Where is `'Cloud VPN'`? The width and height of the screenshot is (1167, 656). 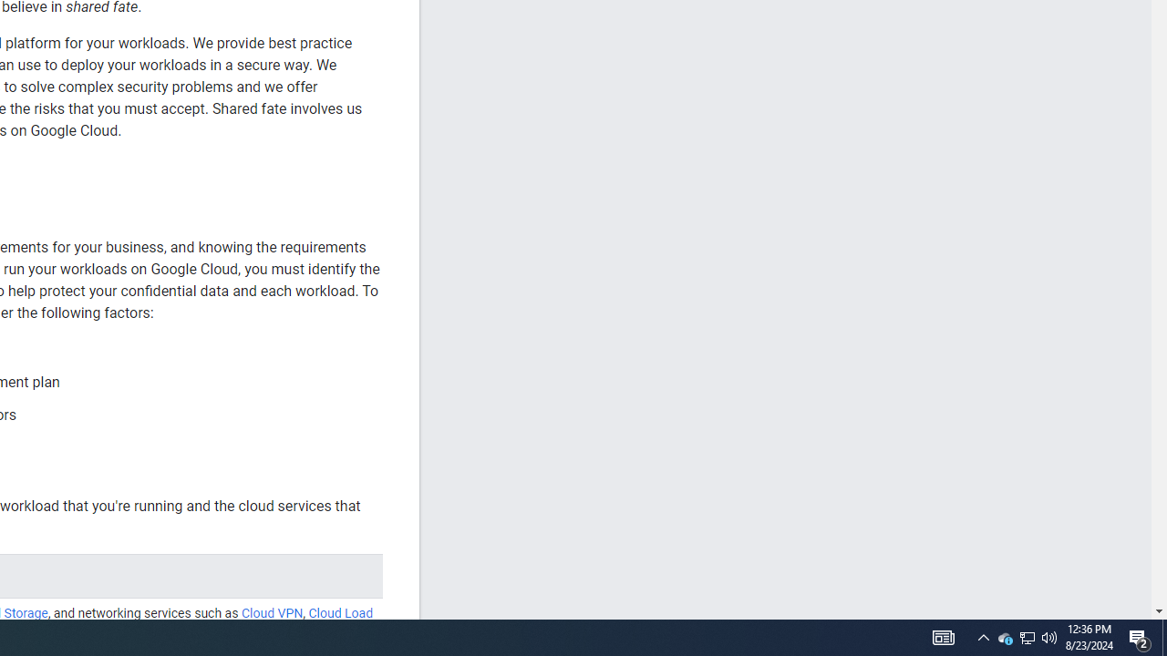
'Cloud VPN' is located at coordinates (271, 613).